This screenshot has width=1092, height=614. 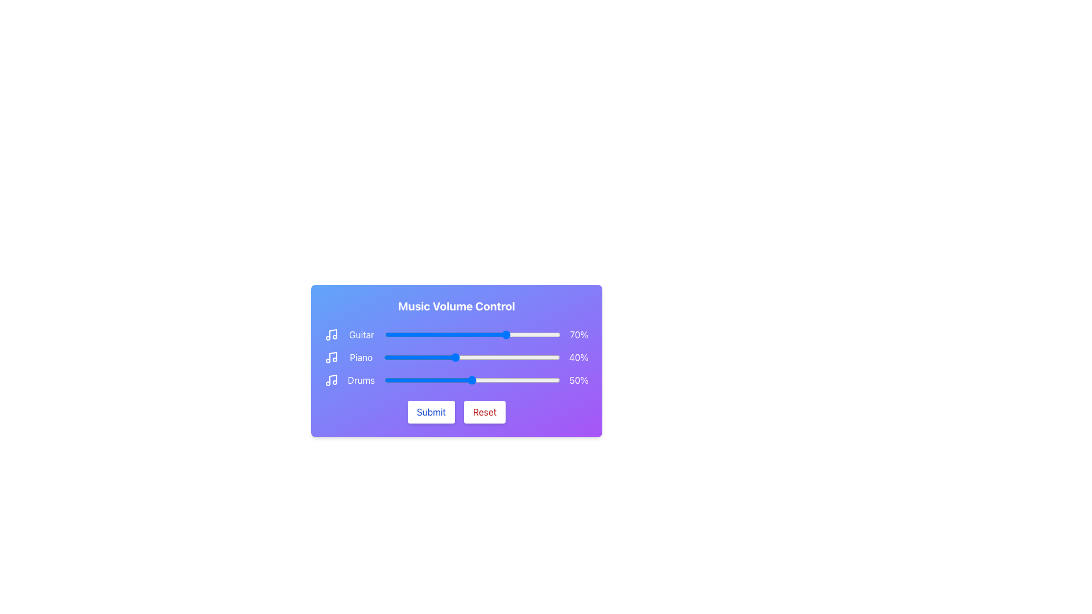 What do you see at coordinates (468, 356) in the screenshot?
I see `the Piano slider` at bounding box center [468, 356].